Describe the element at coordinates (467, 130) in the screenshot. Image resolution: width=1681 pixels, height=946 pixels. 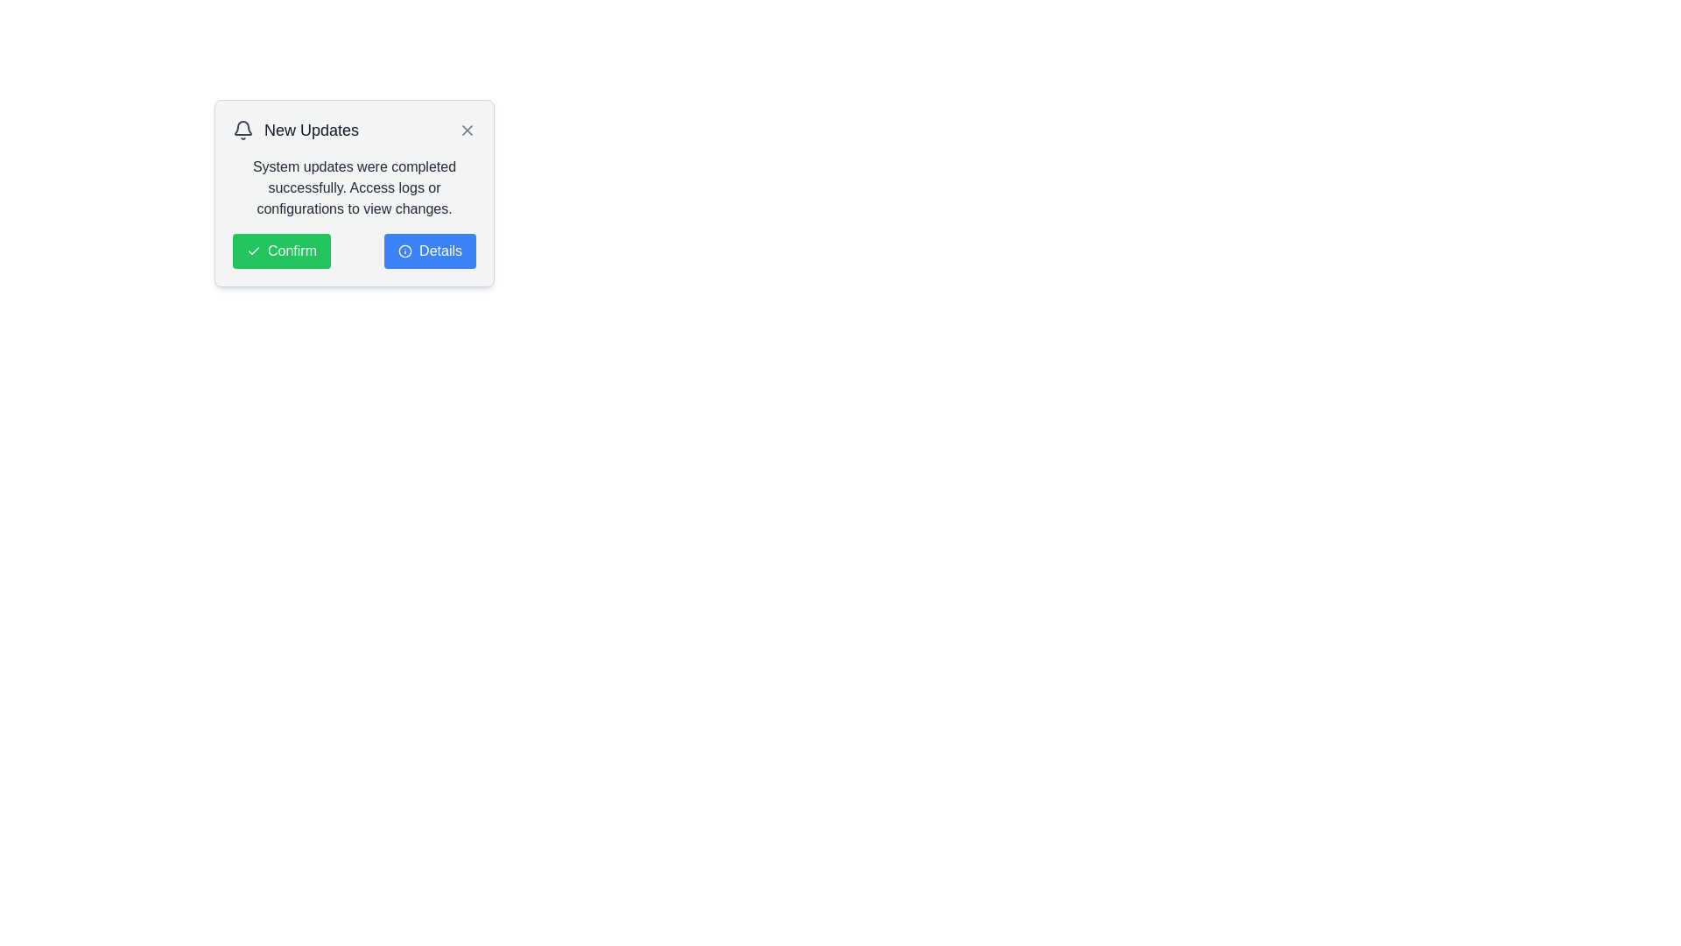
I see `the close button icon (X shape) located in the top-right corner of the 'New Updates' card for visual feedback` at that location.